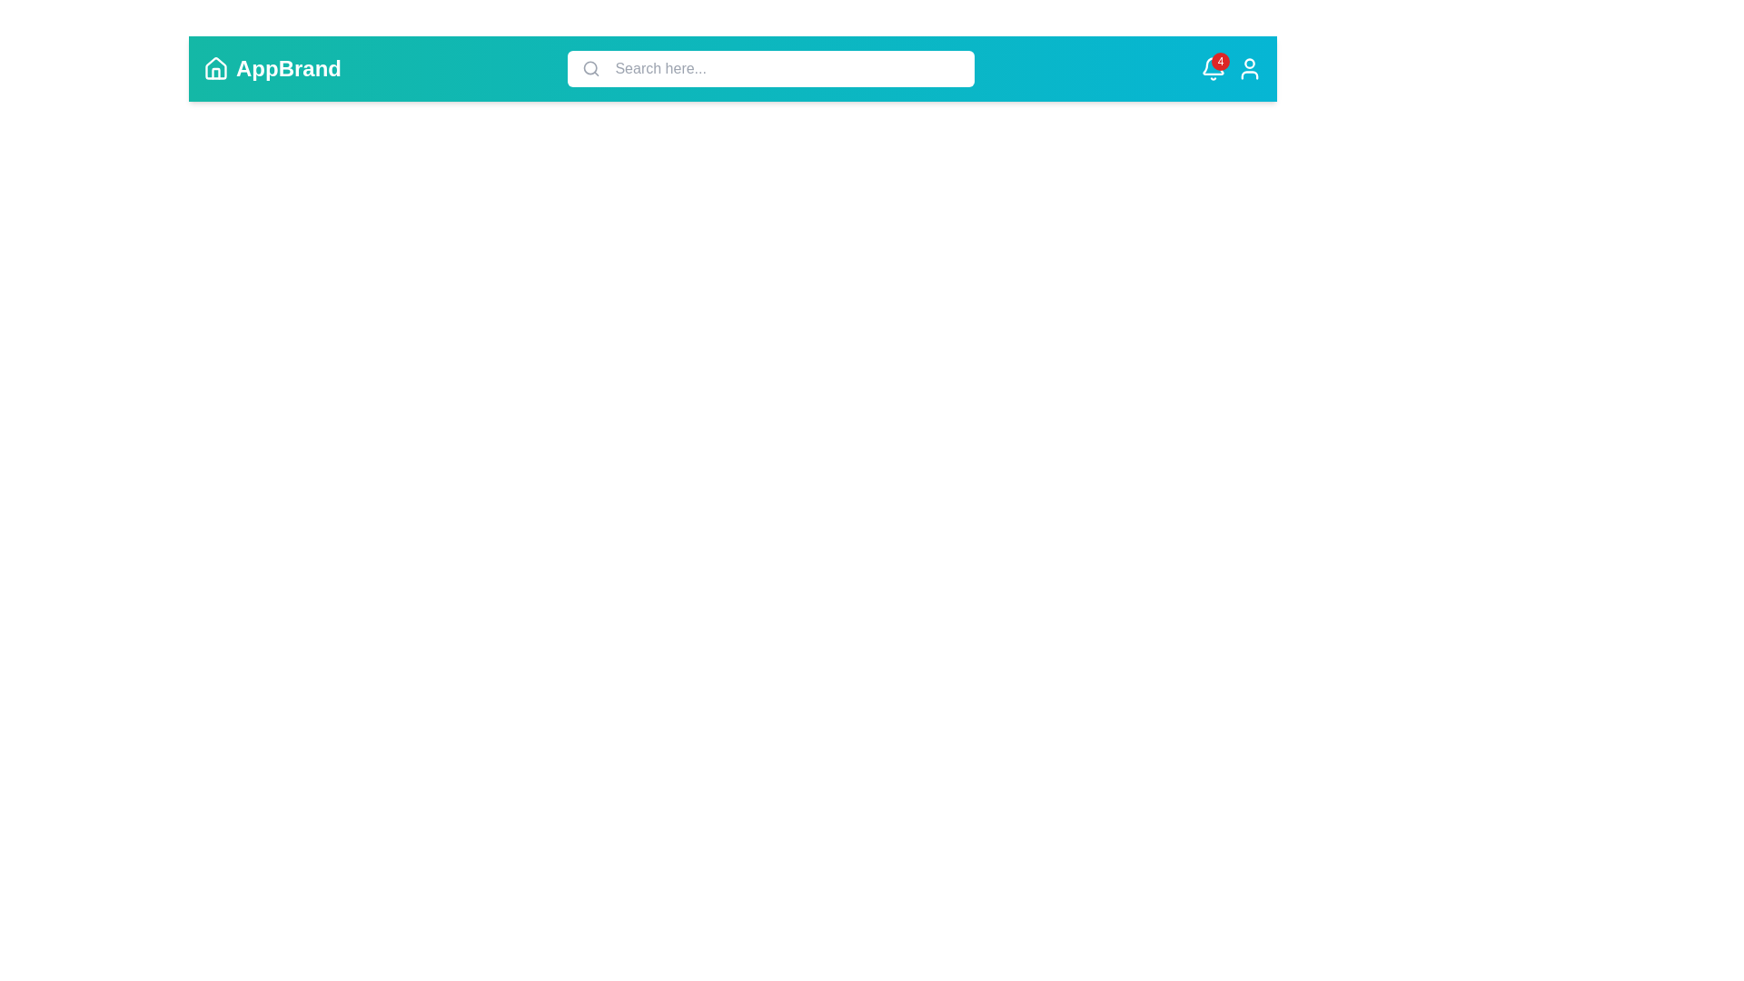  I want to click on the search bar and input a search query, so click(784, 68).